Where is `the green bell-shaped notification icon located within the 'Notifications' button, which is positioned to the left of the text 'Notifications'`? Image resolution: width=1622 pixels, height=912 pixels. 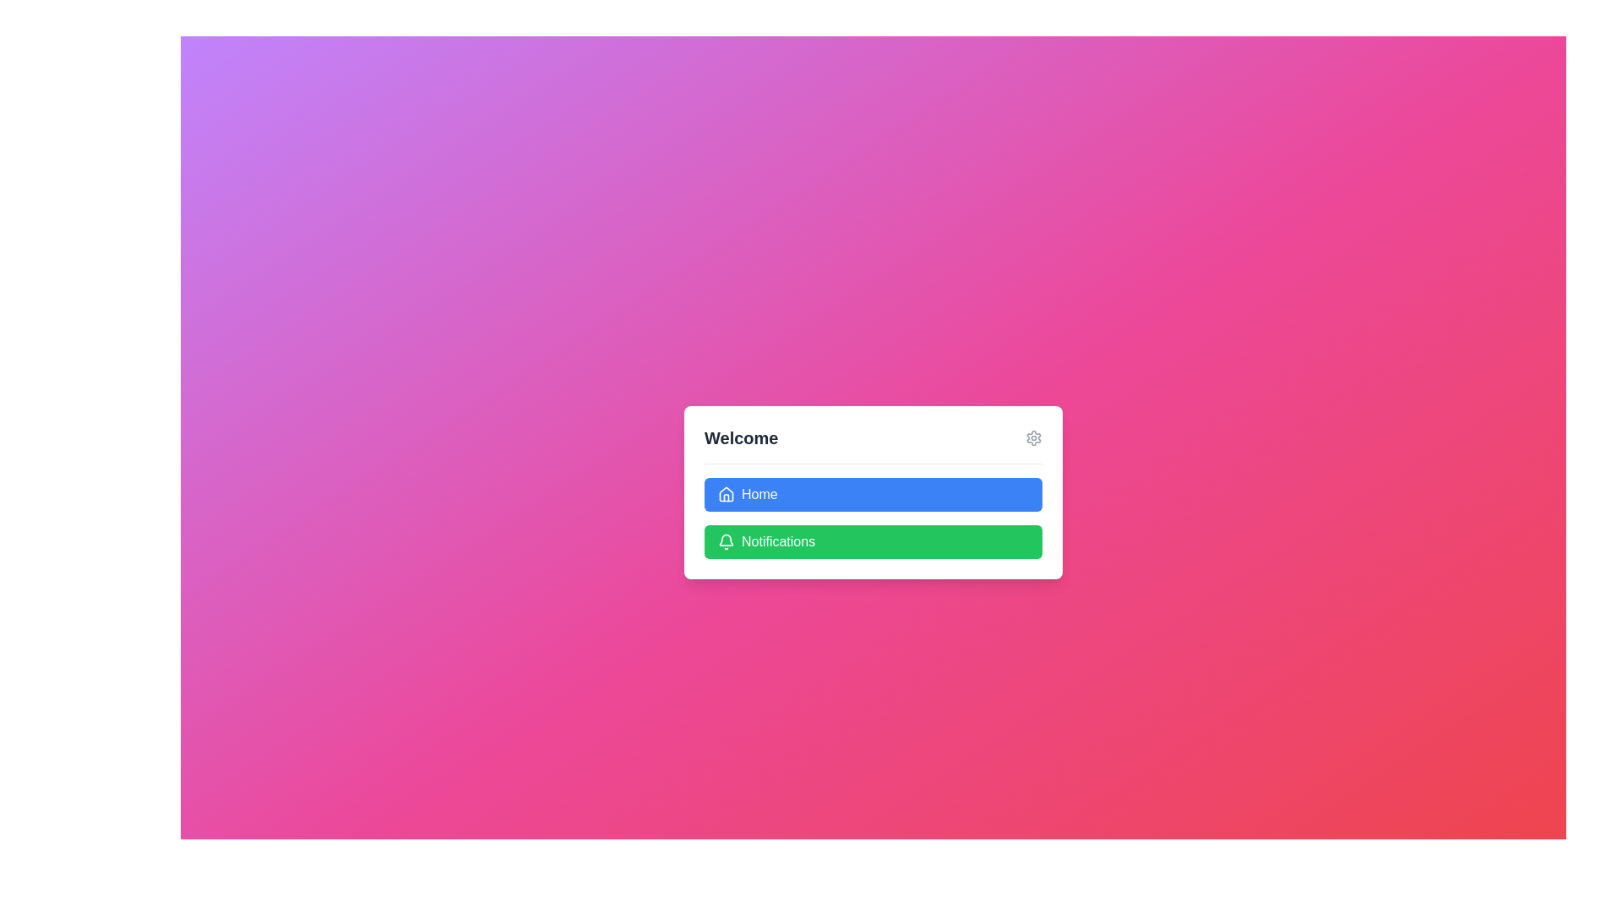
the green bell-shaped notification icon located within the 'Notifications' button, which is positioned to the left of the text 'Notifications' is located at coordinates (726, 540).